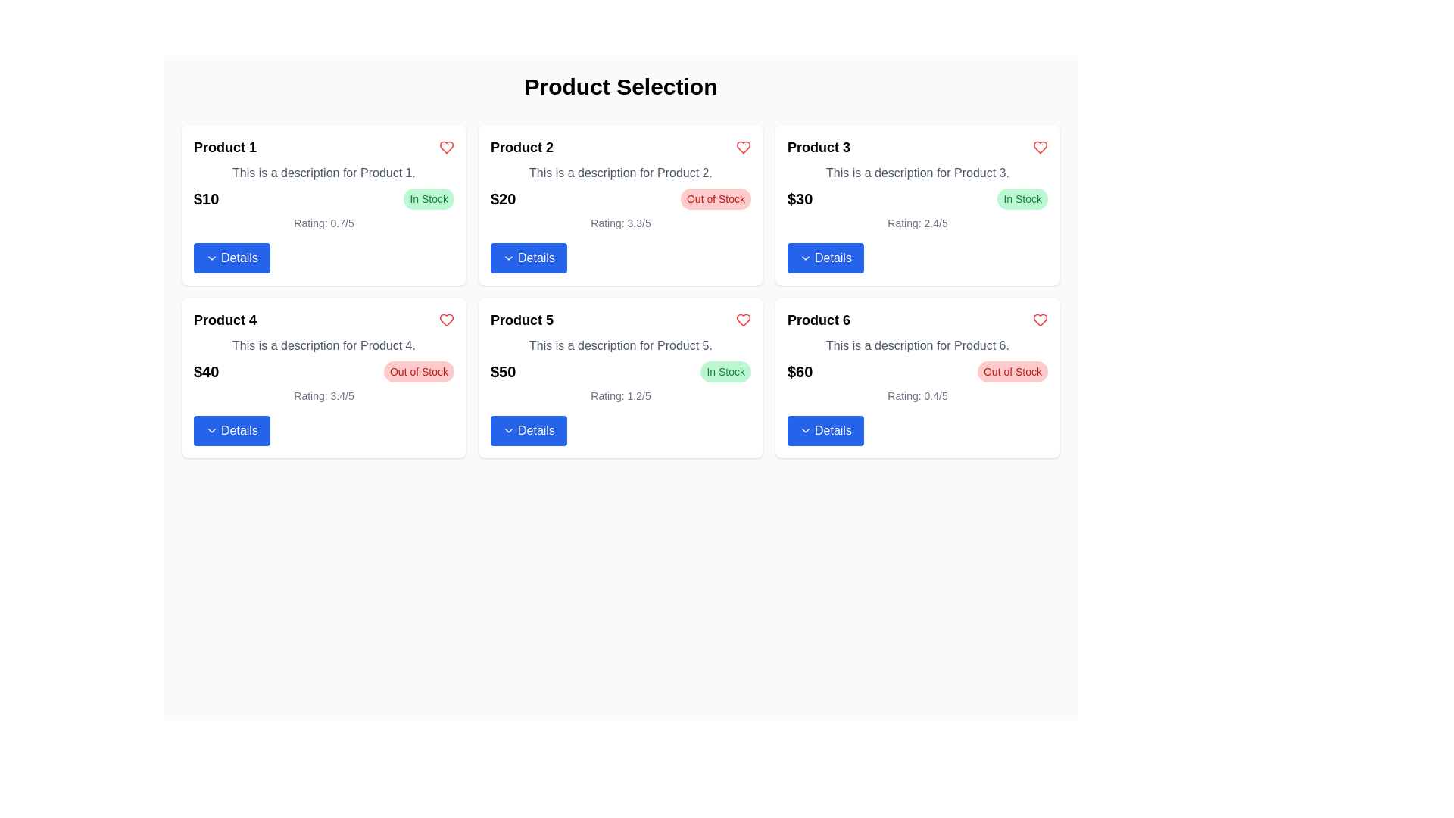  I want to click on the button located at the bottom of the card for 'Product 5', so click(529, 431).